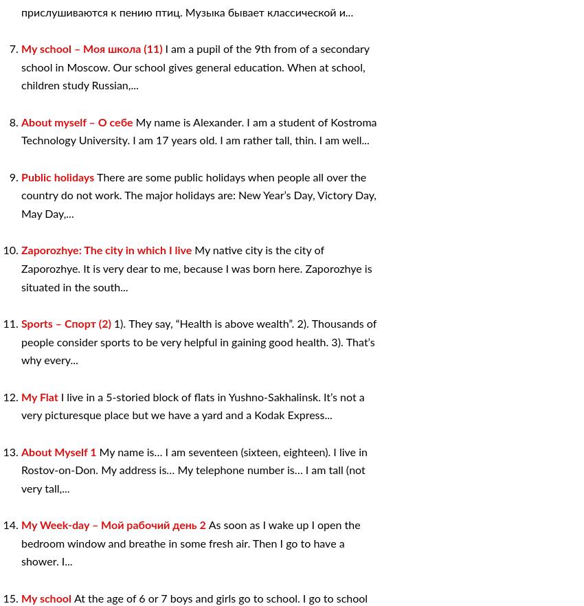 The height and width of the screenshot is (606, 584). I want to click on 'Sports – Спорт (2)', so click(67, 323).